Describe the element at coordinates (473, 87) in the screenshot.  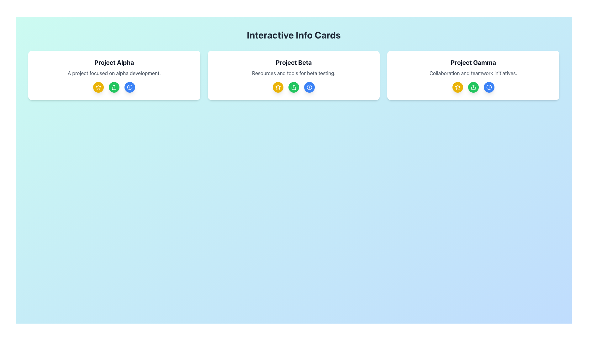
I see `the Circular Icon Button with an upward arrow located in the center of a row of three circular buttons within the 'Project Gamma' card, which is the second button from the left` at that location.